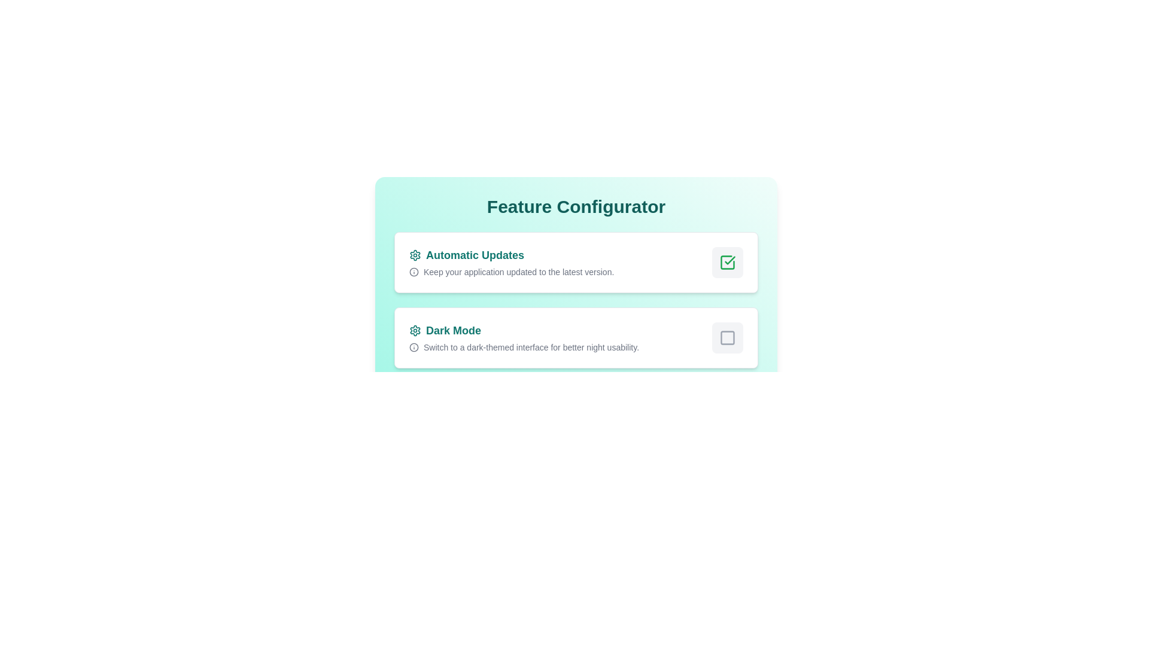  What do you see at coordinates (727, 337) in the screenshot?
I see `the checkbox for 'Dark Mode' located in the 'Feature Configurator' section` at bounding box center [727, 337].